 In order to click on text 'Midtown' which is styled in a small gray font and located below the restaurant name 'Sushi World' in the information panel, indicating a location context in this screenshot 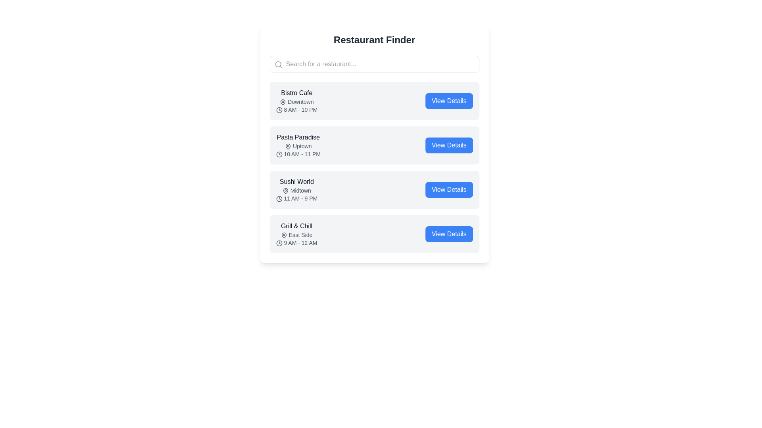, I will do `click(296, 191)`.